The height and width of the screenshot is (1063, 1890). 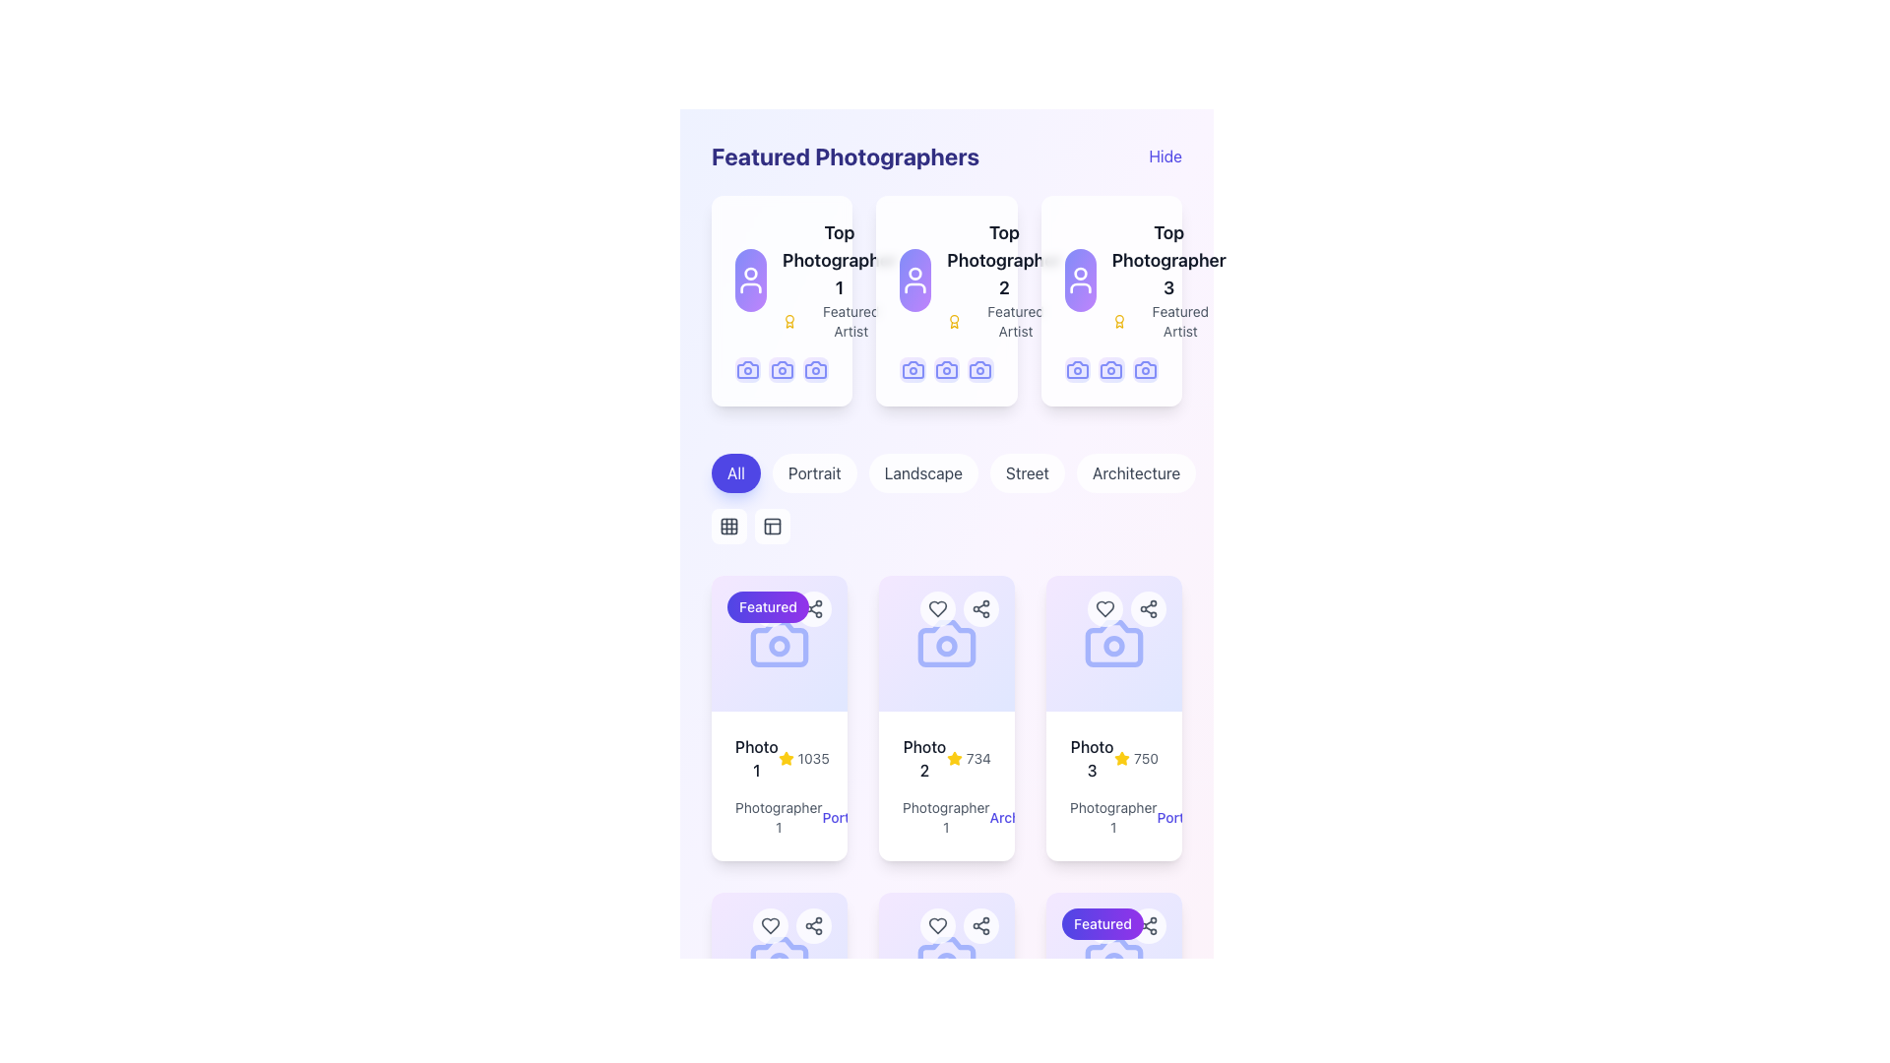 What do you see at coordinates (840, 321) in the screenshot?
I see `the small yellow award icon next to the 'Featured Artist' text in the bottom section of the 'Top Photographer 1' card` at bounding box center [840, 321].